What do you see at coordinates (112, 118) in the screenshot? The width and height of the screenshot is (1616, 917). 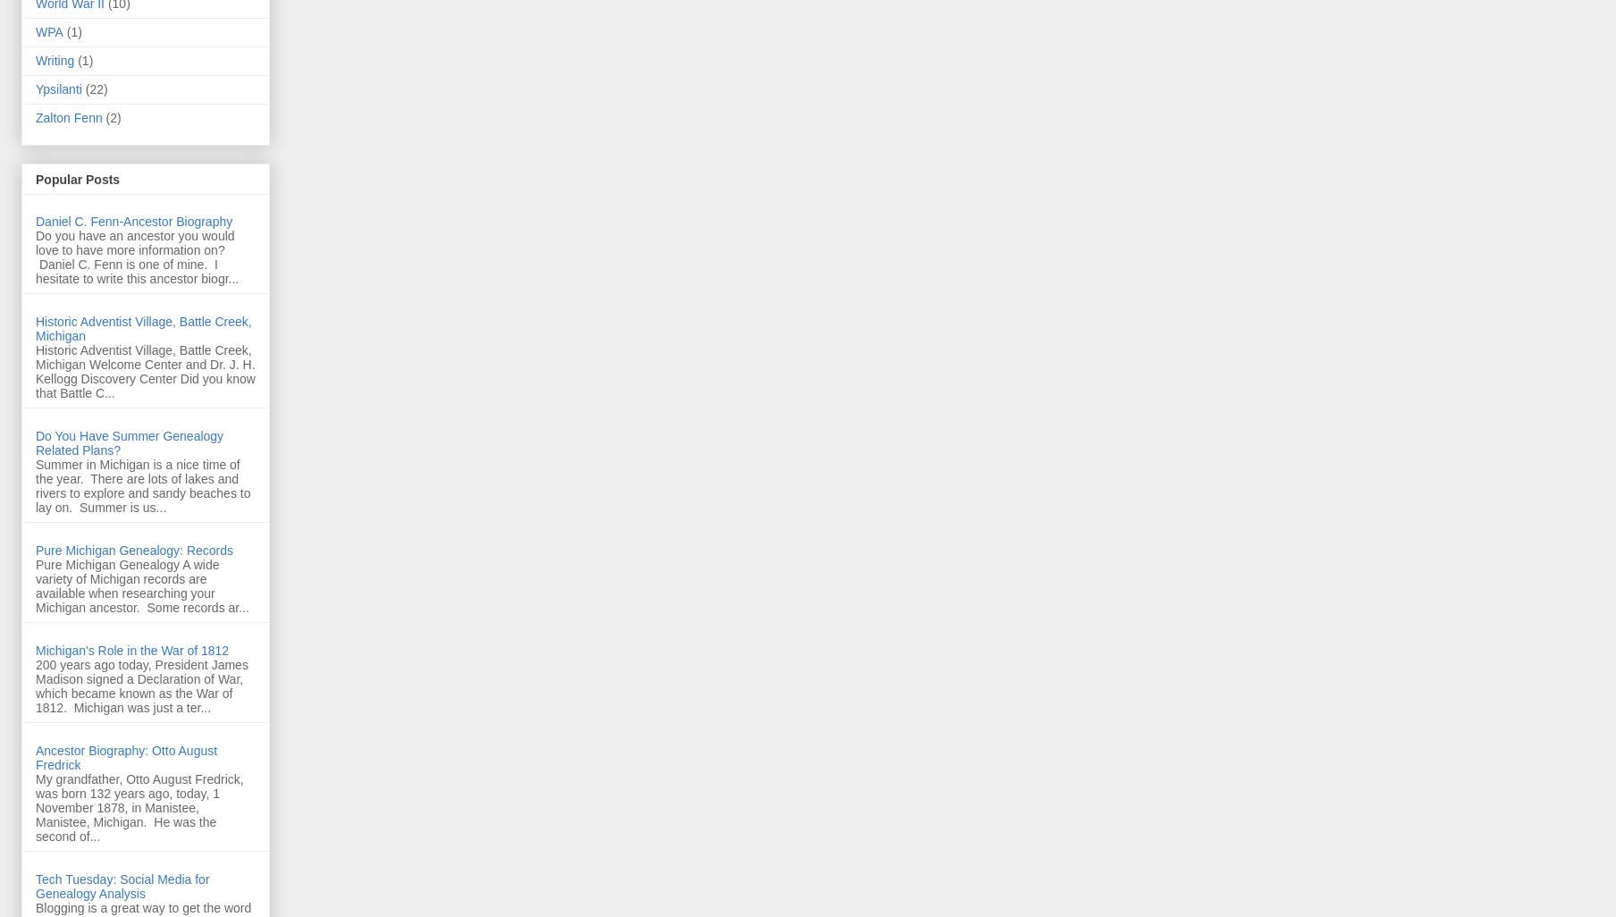 I see `'(2)'` at bounding box center [112, 118].